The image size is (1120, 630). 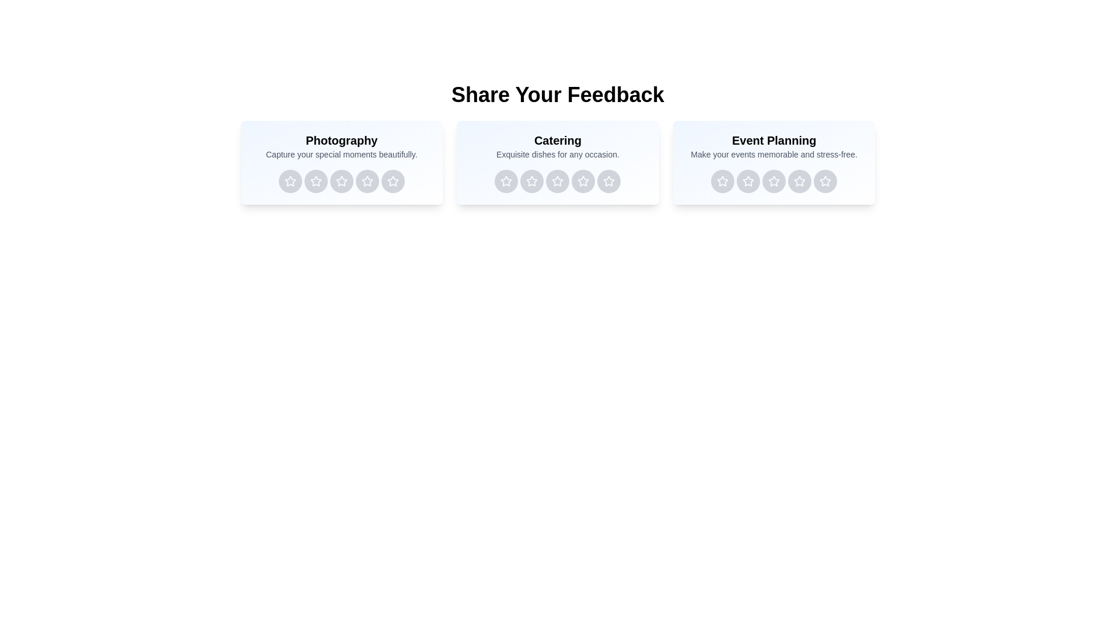 What do you see at coordinates (608, 181) in the screenshot?
I see `the rating button for Catering service with 5 stars` at bounding box center [608, 181].